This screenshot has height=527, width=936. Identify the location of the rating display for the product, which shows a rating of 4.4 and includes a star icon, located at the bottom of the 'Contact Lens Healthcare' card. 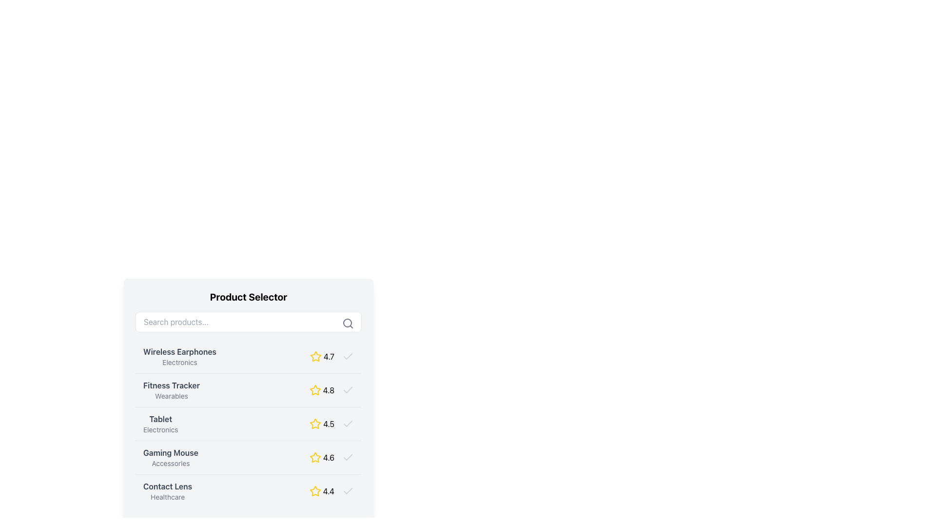
(331, 491).